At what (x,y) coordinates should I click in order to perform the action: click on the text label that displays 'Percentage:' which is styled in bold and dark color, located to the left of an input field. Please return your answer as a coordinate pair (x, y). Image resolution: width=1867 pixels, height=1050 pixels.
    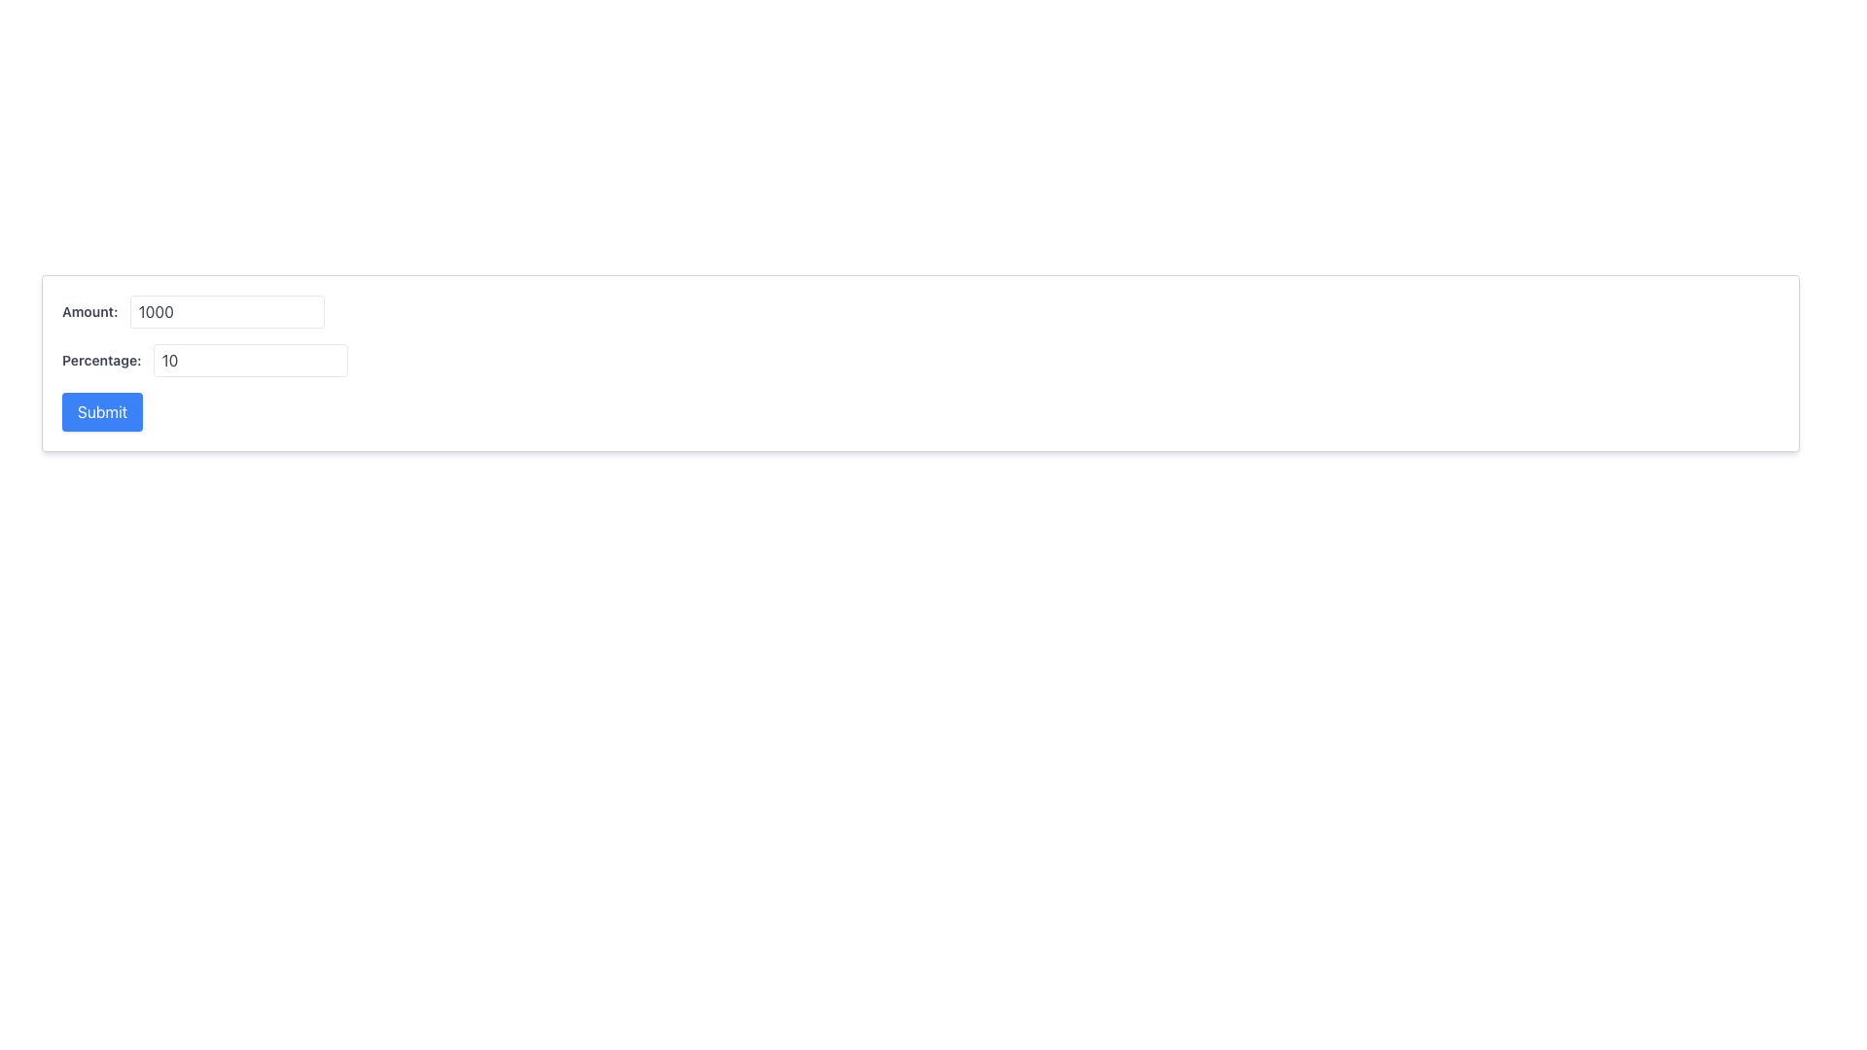
    Looking at the image, I should click on (100, 360).